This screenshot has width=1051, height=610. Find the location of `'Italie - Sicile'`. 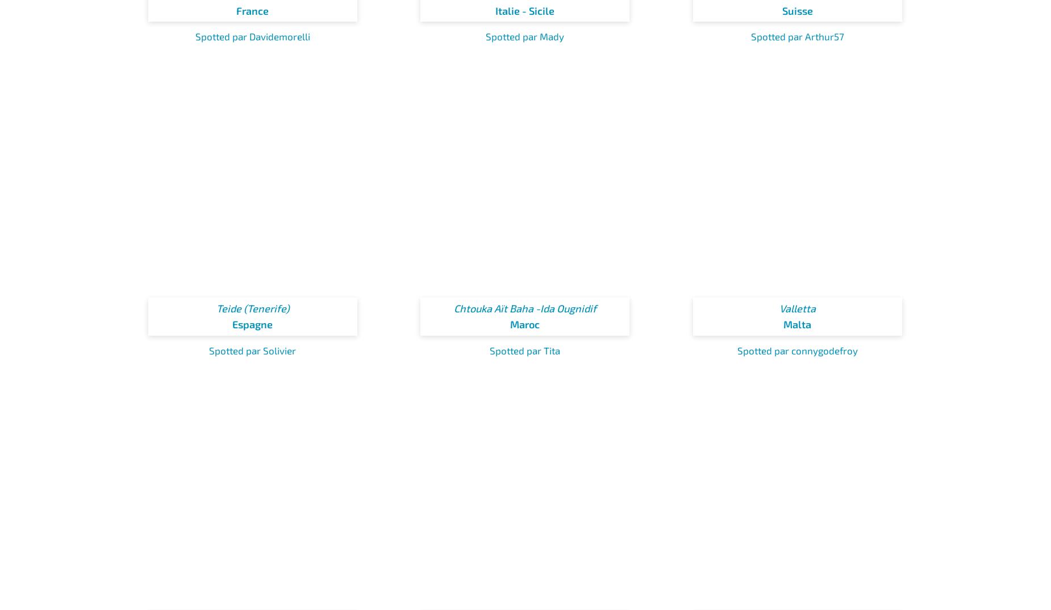

'Italie - Sicile' is located at coordinates (525, 10).